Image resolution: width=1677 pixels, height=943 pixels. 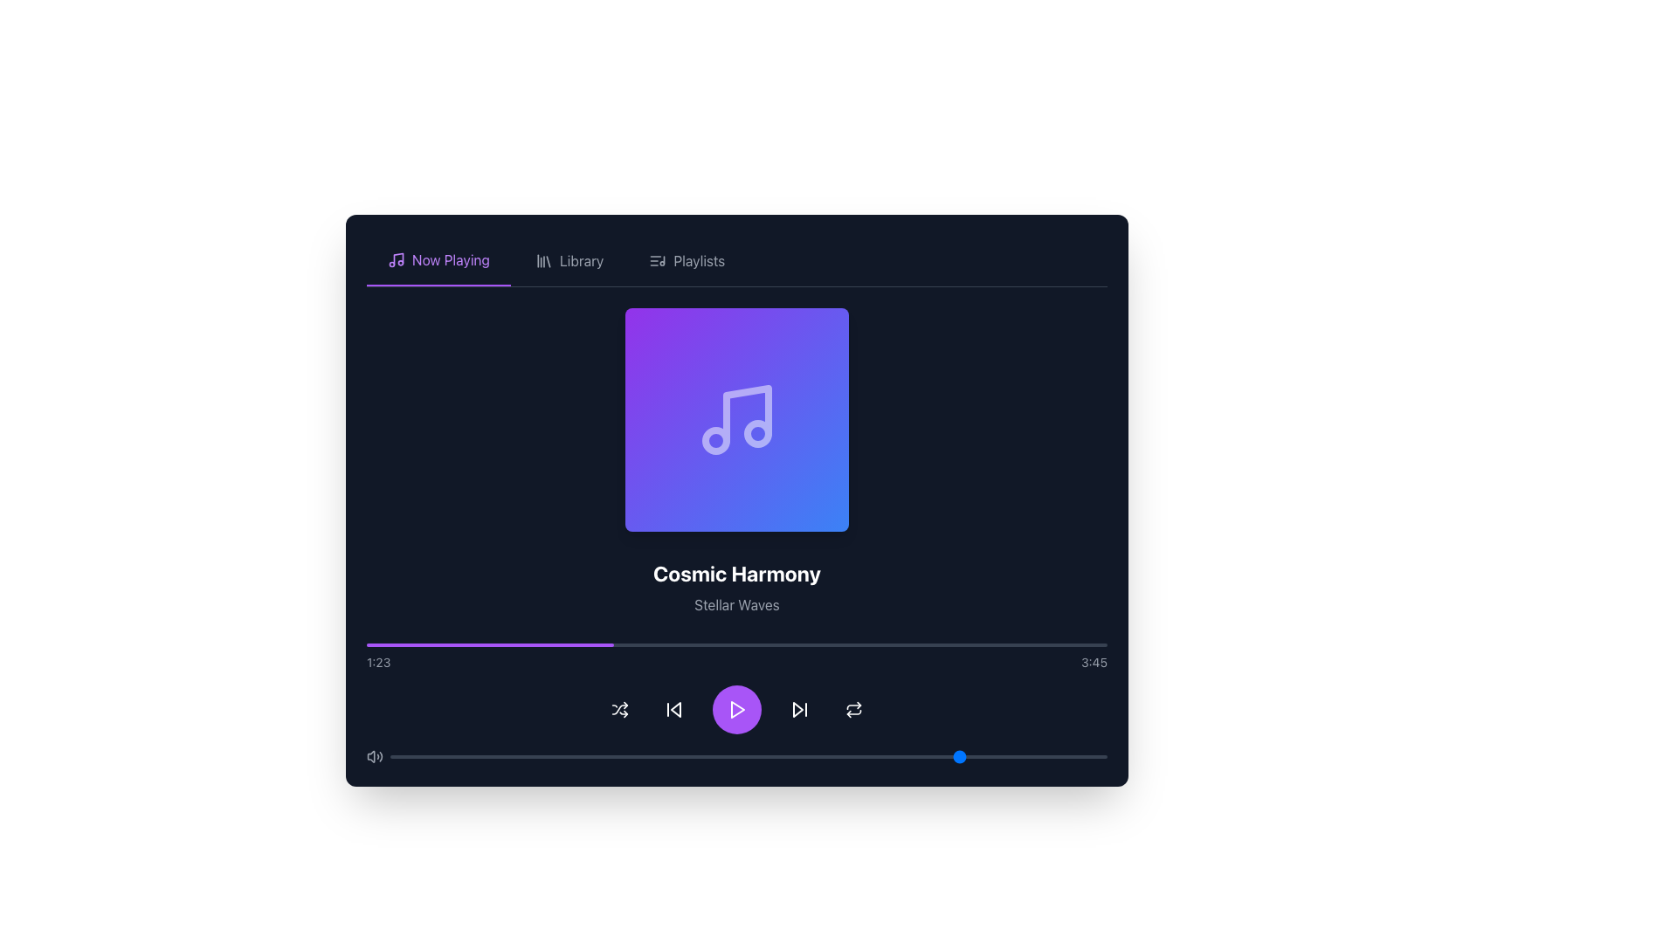 I want to click on the horizontal progress bar with purple filled portion and time indicators '1:23' and '3:45', so click(x=737, y=657).